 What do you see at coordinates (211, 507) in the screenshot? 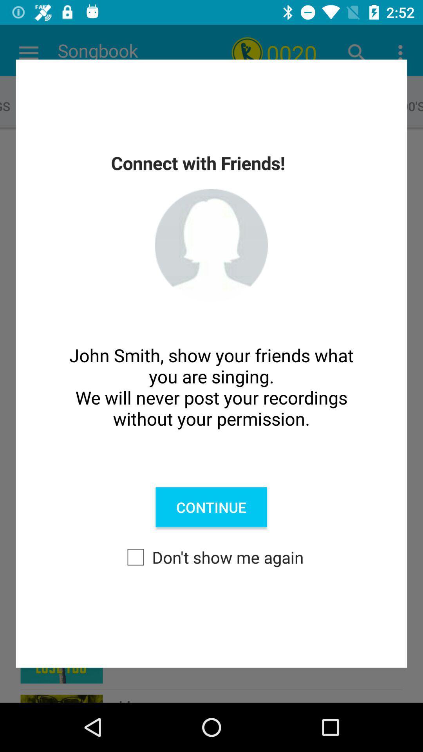
I see `the icon above the don t show icon` at bounding box center [211, 507].